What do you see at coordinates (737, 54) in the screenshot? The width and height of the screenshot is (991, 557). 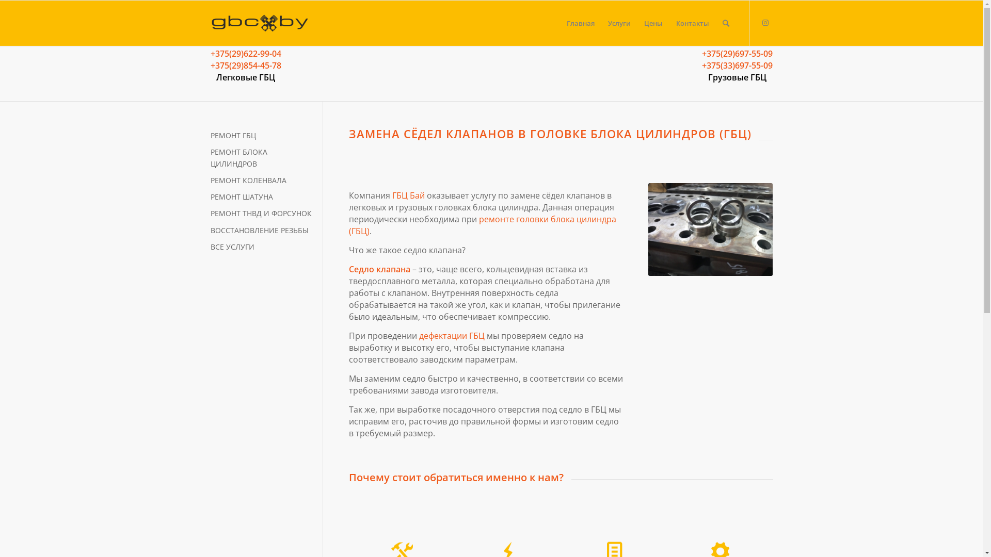 I see `'+375(29)697-55-09'` at bounding box center [737, 54].